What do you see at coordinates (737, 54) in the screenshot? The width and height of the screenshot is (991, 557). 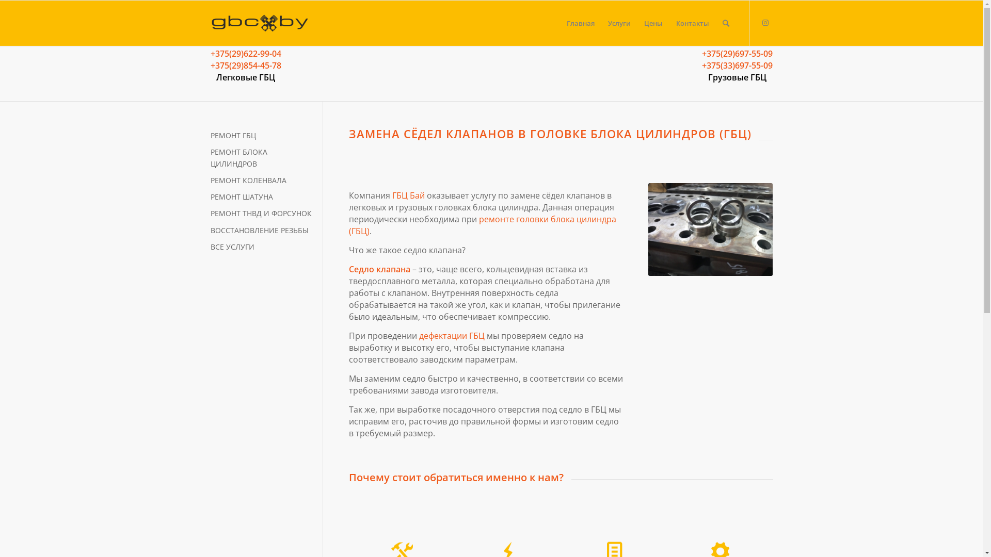 I see `'+375(29)697-55-09'` at bounding box center [737, 54].